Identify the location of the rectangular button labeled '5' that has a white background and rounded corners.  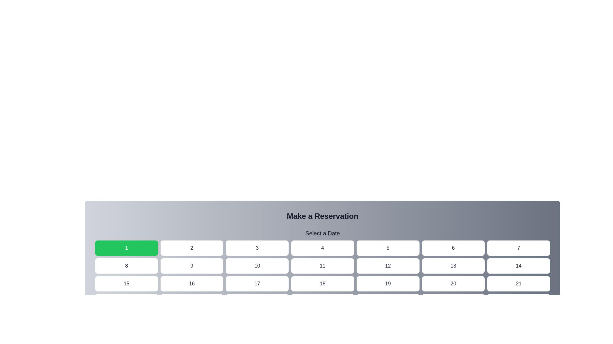
(388, 248).